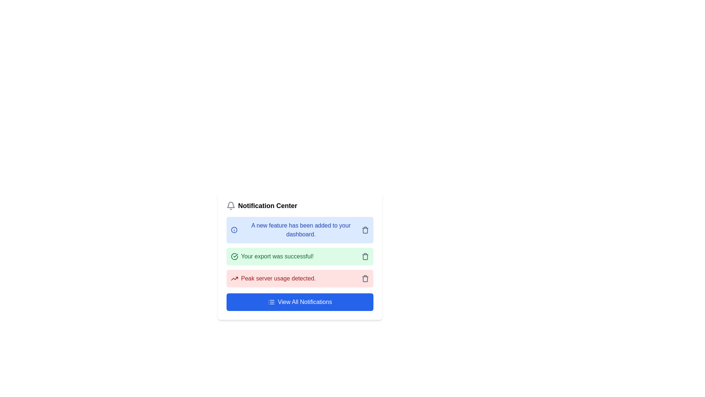  Describe the element at coordinates (278, 279) in the screenshot. I see `the textual notification message indicating 'Peak server usage detected' located in the third notification card of the Notification Center` at that location.